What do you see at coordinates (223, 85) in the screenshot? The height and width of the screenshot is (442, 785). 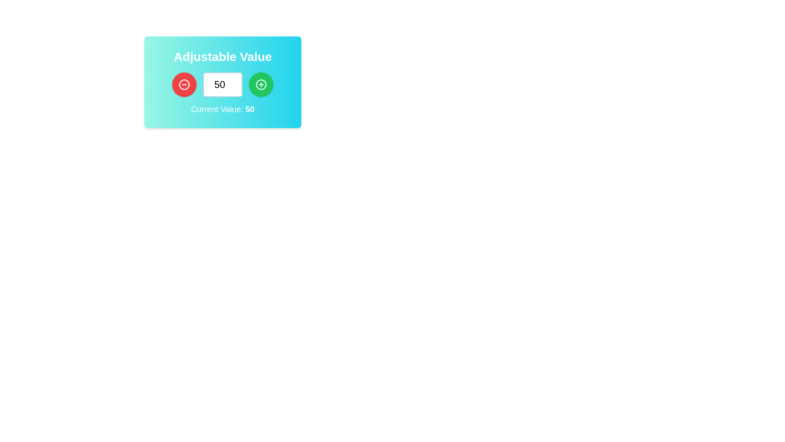 I see `the numeric input field within the blue gradient box labeled 'Adjustable Value' to focus on it` at bounding box center [223, 85].